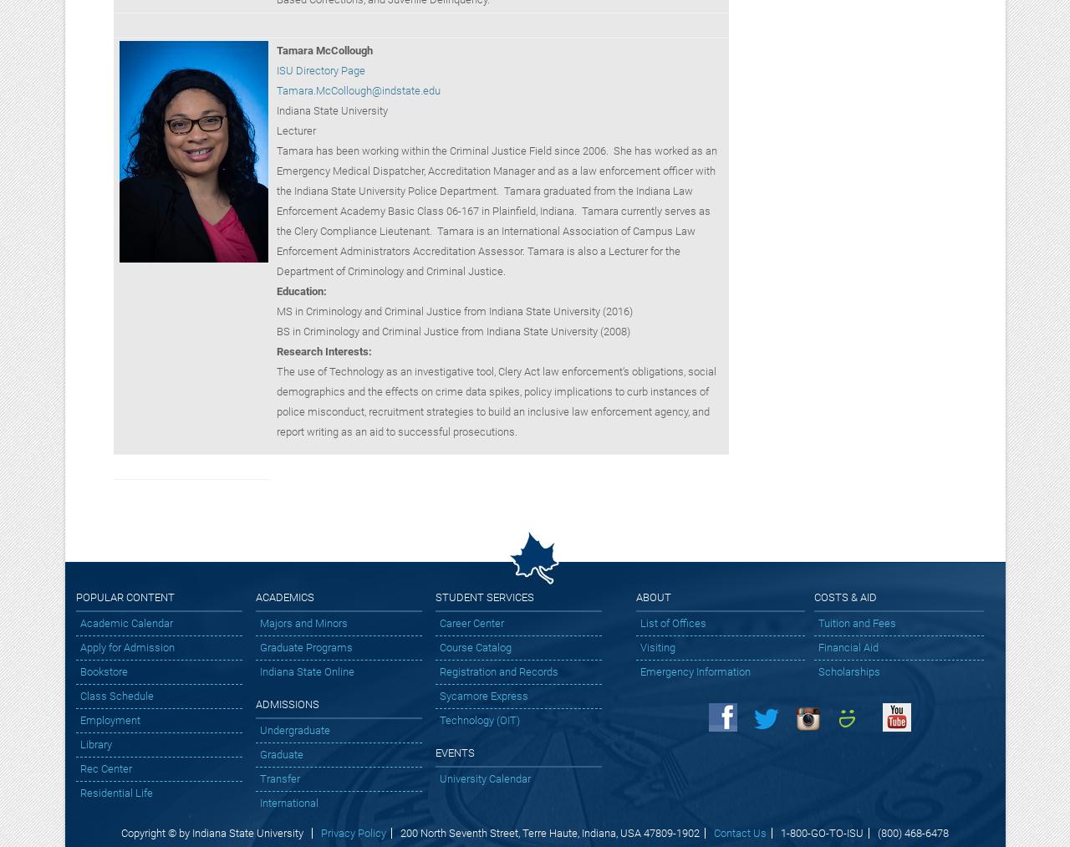 The height and width of the screenshot is (847, 1070). Describe the element at coordinates (495, 209) in the screenshot. I see `'Tamara has been working within the Criminal Justice Field since 2006.  She has worked as an Emergency Medical Dispatcher, Accreditation Manager and as a law enforcement officer with the Indiana State University Police Department.  Tamara graduated from the Indiana Law Enforcement Academy Basic Class 06-167 in Plainfield, Indiana.  Tamara currently serves as the Clery Compliance Lieutenant.  Tamara is an International Association of Campus Law Enforcement Administrators Accreditation Assessor. Tamara is also a Lecturer for the Department of Criminology and Criminal Justice.'` at that location.